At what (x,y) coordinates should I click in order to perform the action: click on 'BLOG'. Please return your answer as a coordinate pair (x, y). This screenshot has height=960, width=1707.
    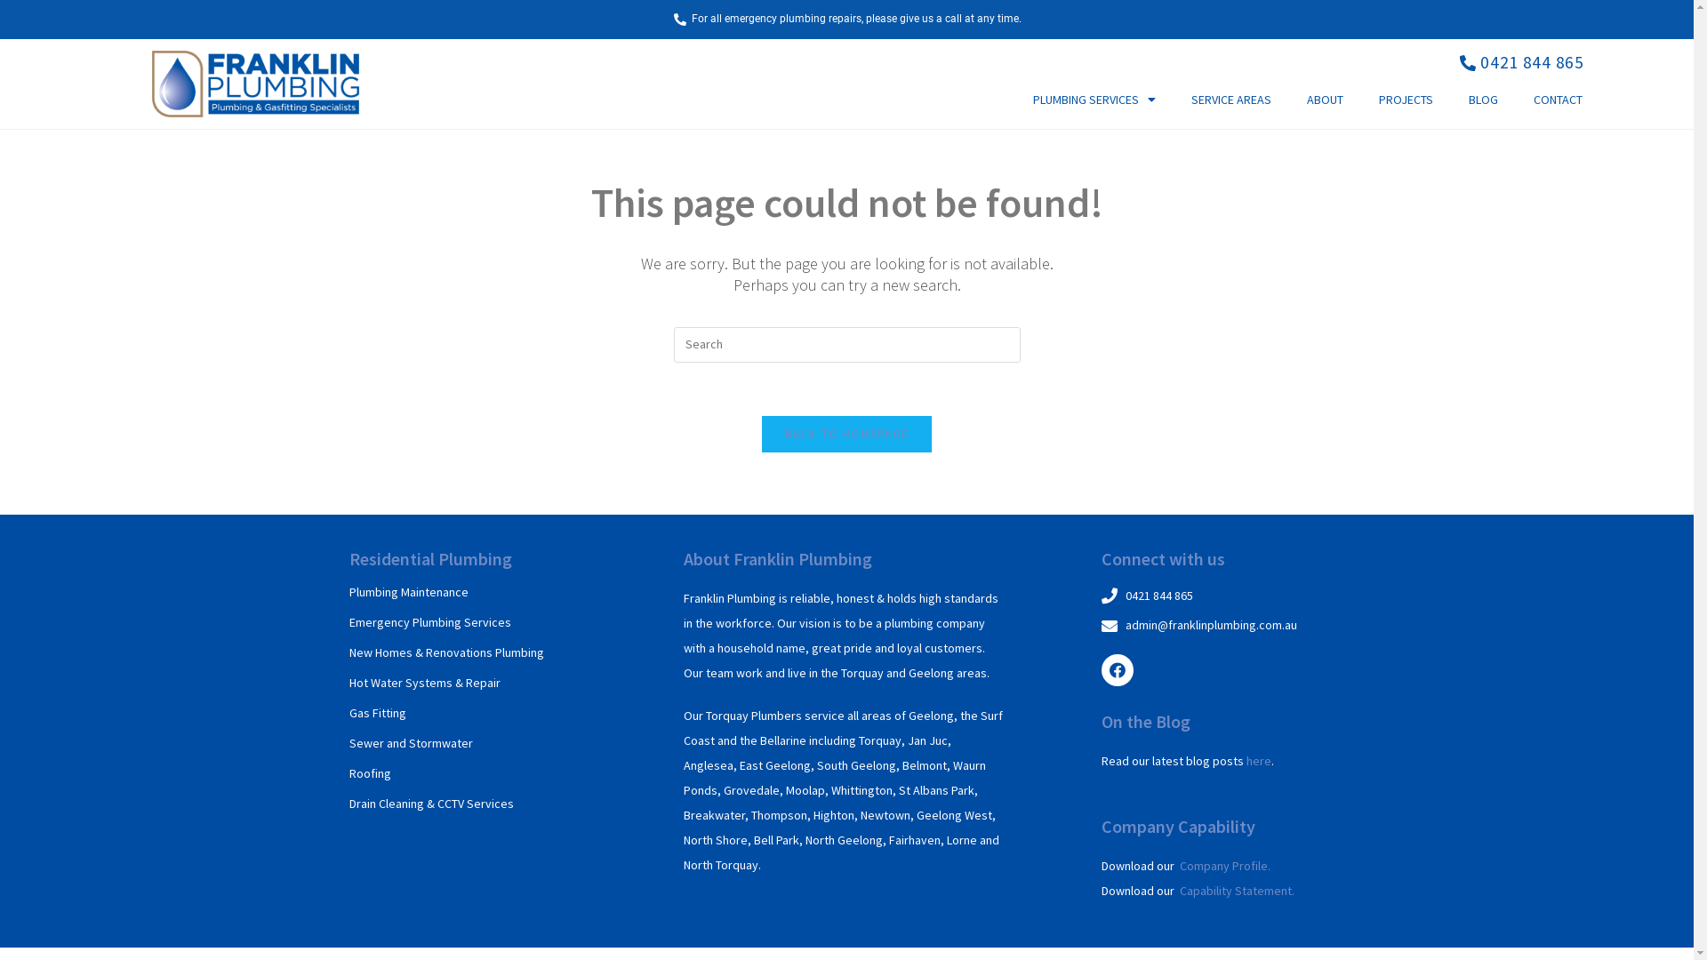
    Looking at the image, I should click on (1483, 99).